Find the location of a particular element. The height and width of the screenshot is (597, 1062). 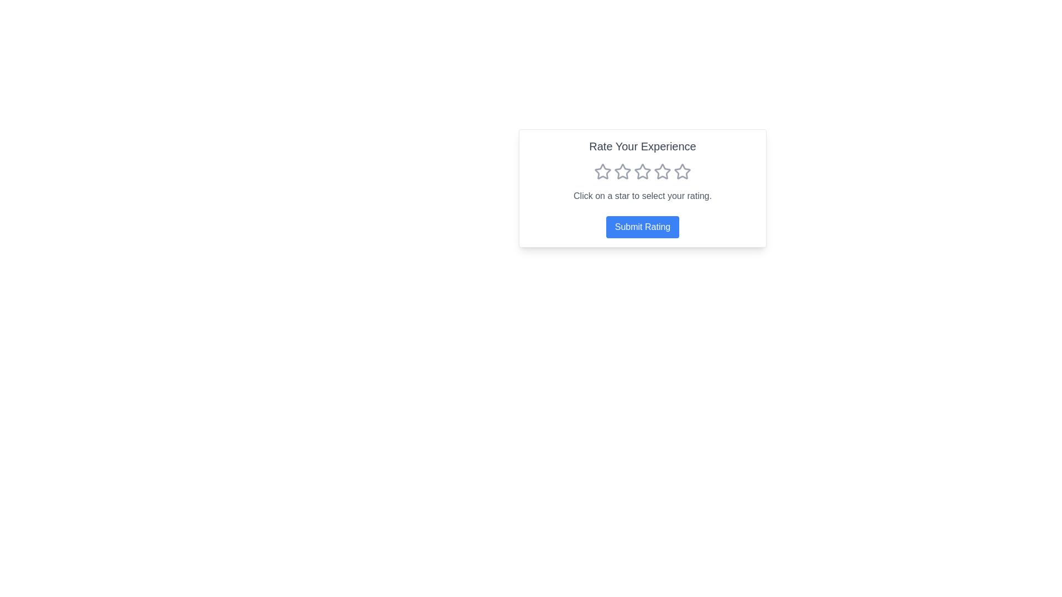

the first Rating Star Icon, which has a gray outline indicating it is inactive, to rate it is located at coordinates (602, 172).